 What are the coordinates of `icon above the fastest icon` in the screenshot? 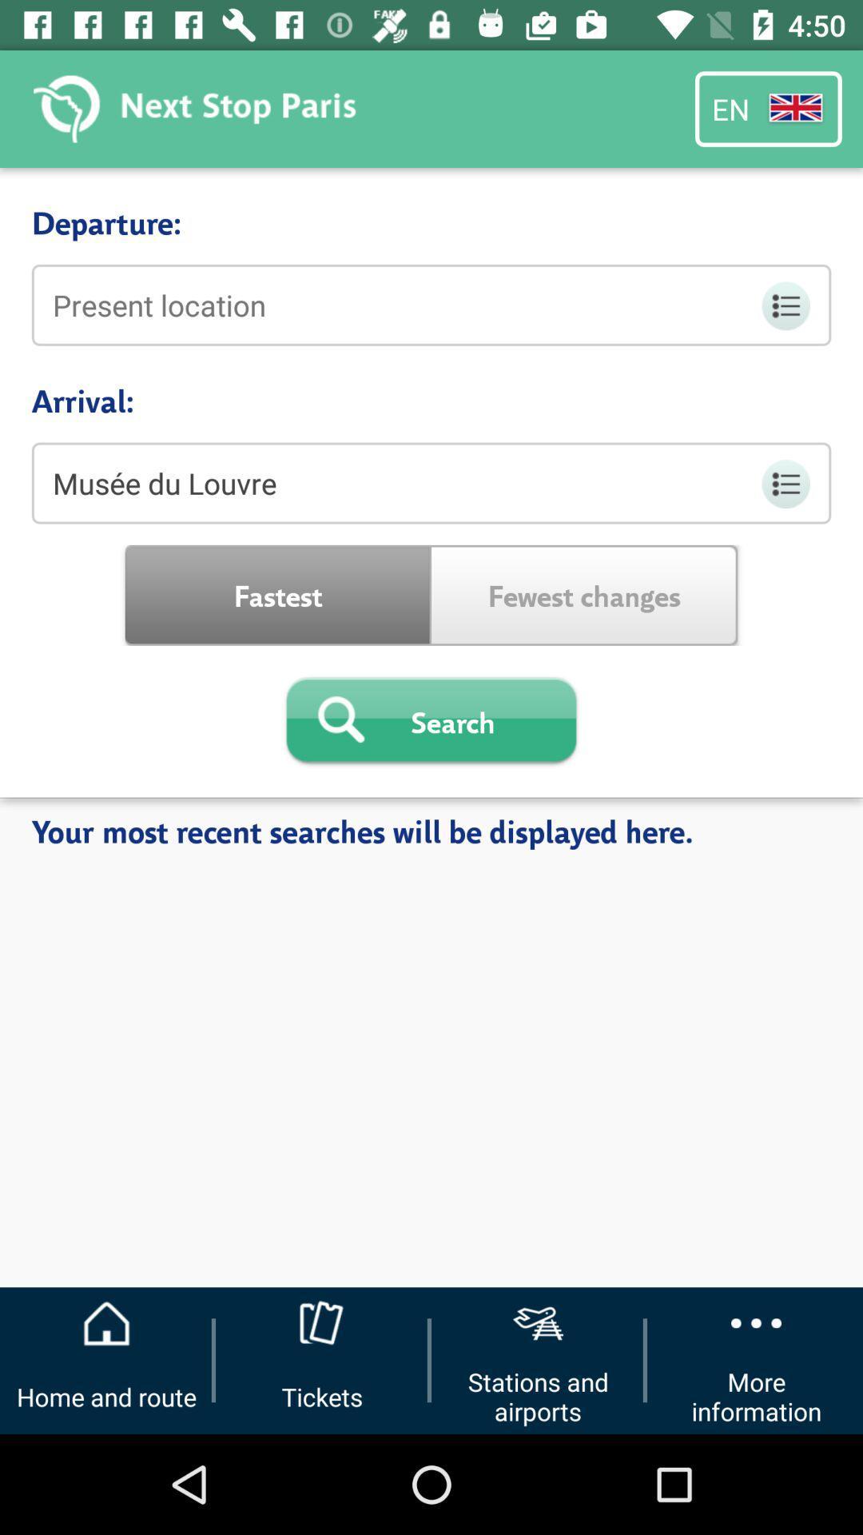 It's located at (431, 482).